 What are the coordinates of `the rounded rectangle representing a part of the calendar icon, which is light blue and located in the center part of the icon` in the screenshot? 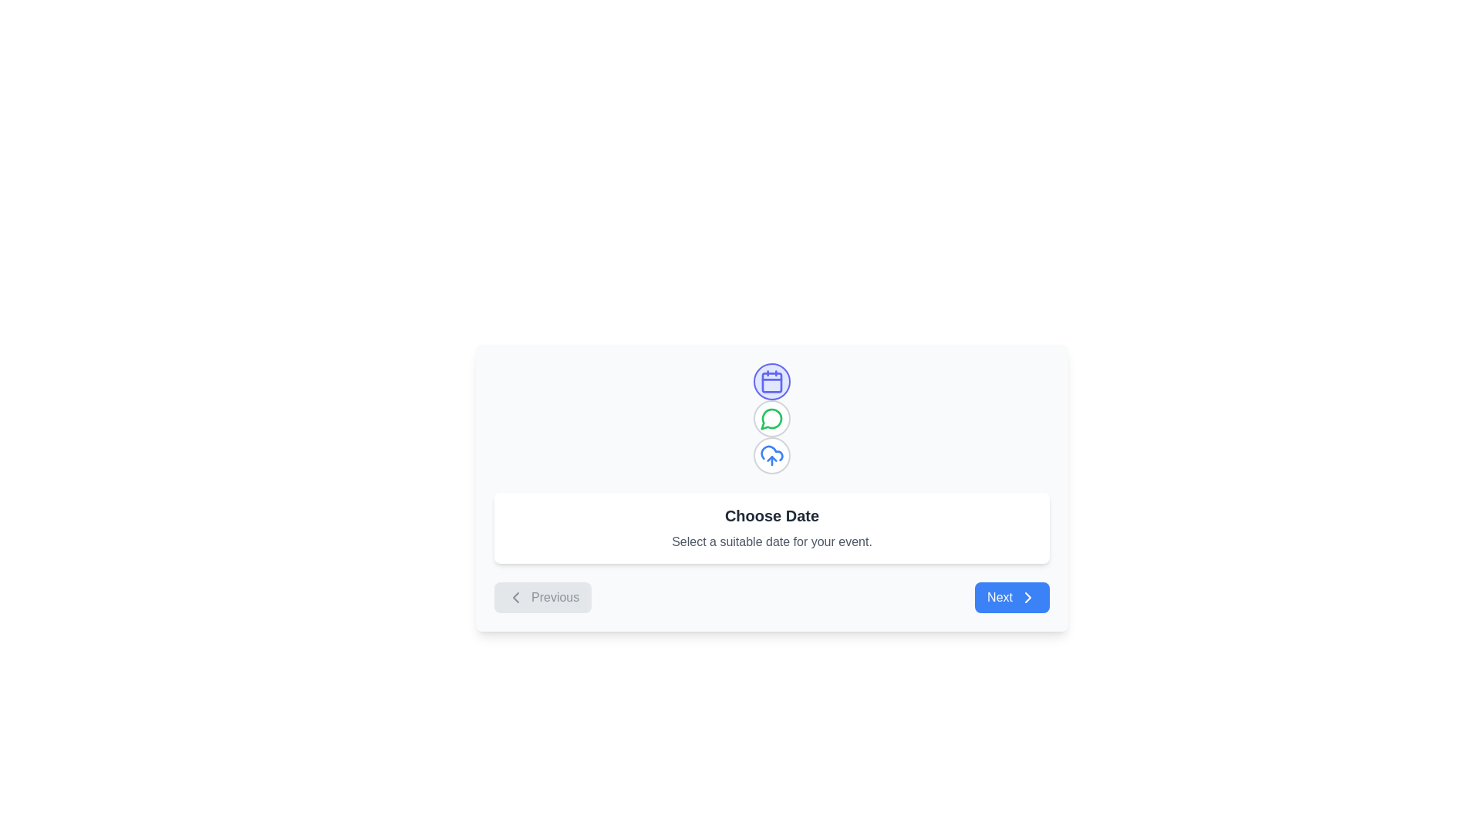 It's located at (772, 382).